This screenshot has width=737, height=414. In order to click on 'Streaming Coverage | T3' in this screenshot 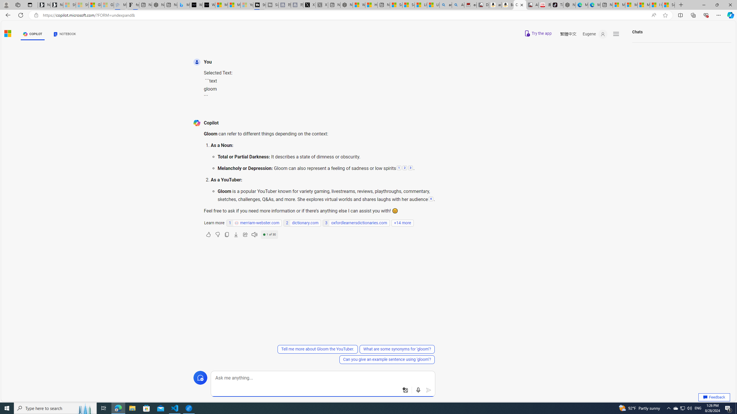, I will do `click(259, 5)`.